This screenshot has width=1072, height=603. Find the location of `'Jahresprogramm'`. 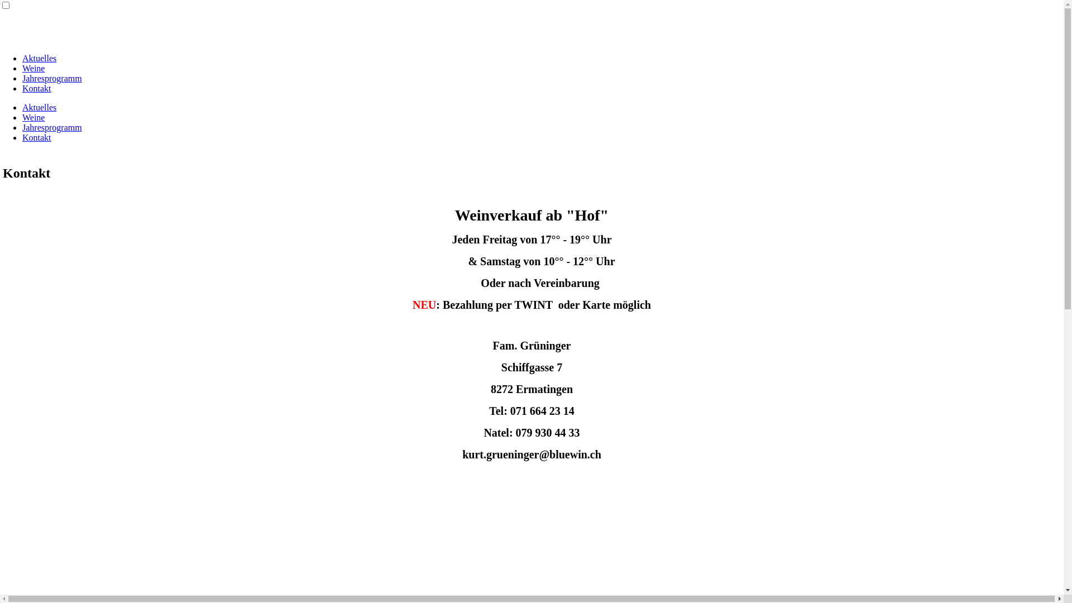

'Jahresprogramm' is located at coordinates (22, 127).